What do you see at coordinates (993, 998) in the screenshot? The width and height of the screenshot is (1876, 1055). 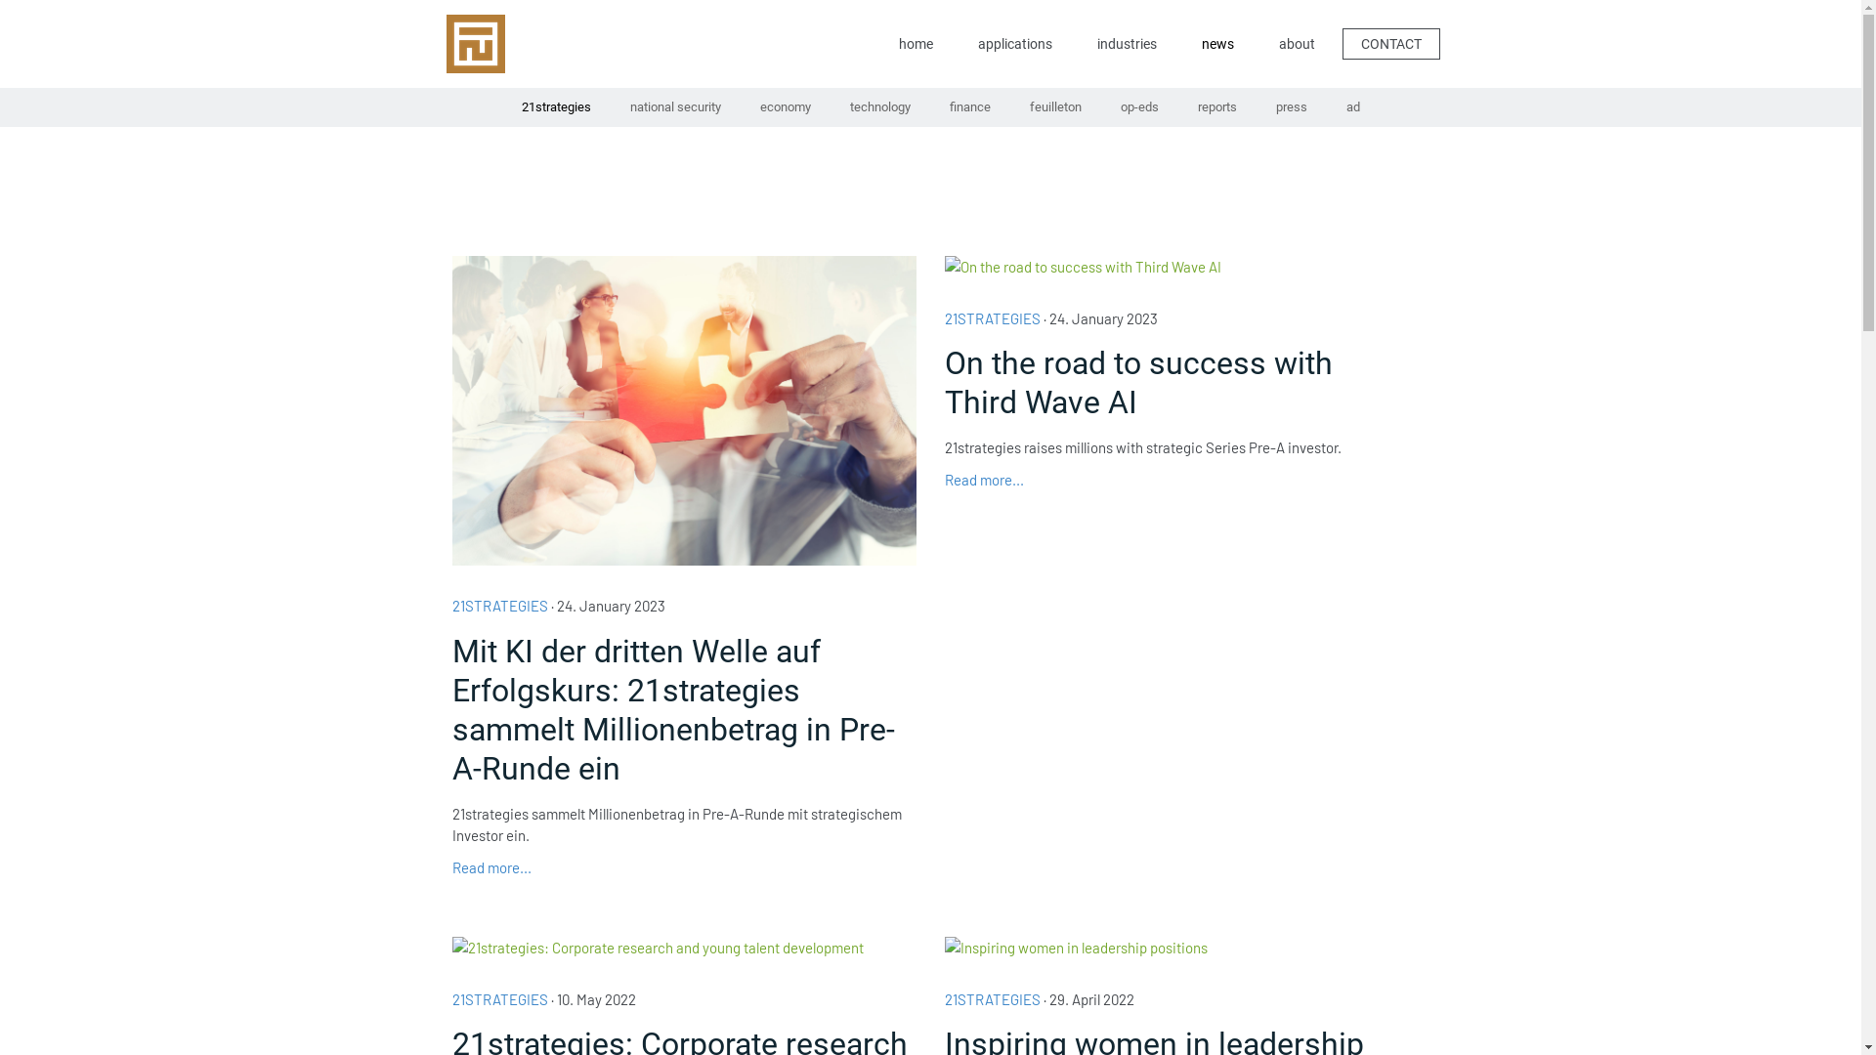 I see `'21STRATEGIES'` at bounding box center [993, 998].